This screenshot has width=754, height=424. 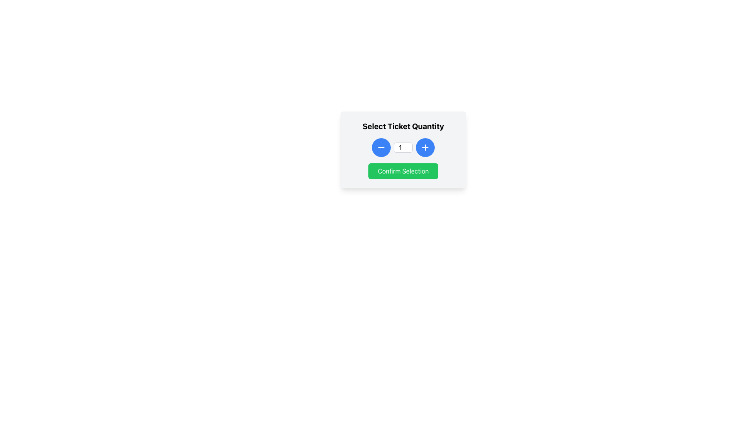 I want to click on the Number Input box displaying the number '1' to focus on it, so click(x=403, y=147).